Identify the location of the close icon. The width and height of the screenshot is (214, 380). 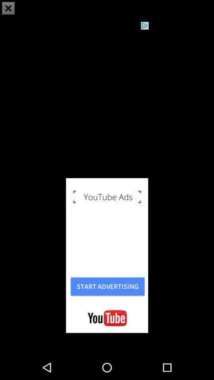
(8, 8).